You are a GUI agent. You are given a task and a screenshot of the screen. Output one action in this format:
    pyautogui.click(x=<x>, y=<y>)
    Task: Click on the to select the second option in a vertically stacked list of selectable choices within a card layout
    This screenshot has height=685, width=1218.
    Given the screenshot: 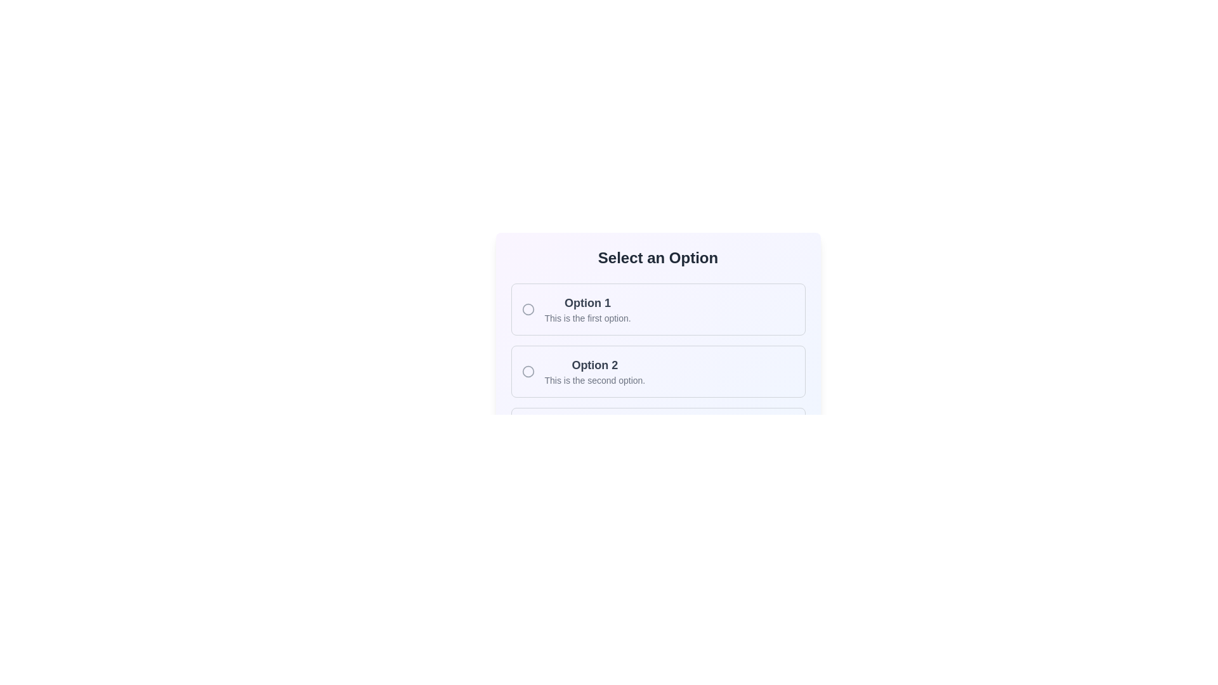 What is the action you would take?
    pyautogui.click(x=658, y=371)
    